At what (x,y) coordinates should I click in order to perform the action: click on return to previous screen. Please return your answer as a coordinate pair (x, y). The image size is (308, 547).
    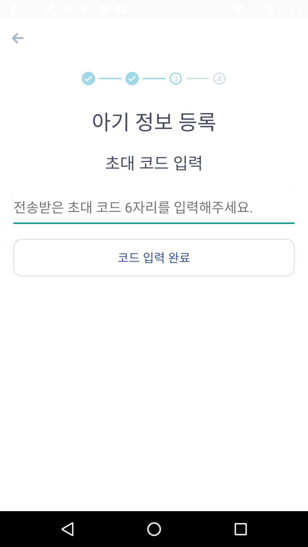
    Looking at the image, I should click on (16, 38).